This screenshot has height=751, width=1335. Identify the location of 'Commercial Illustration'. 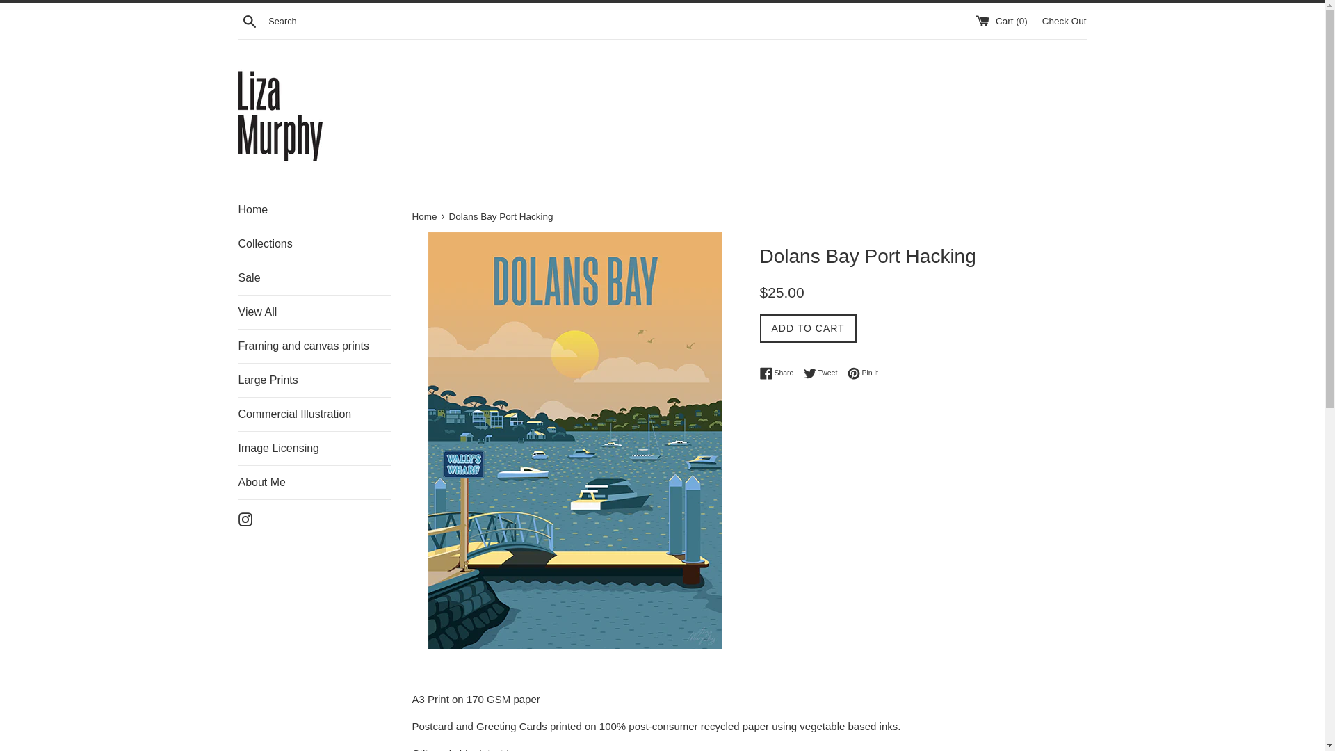
(237, 414).